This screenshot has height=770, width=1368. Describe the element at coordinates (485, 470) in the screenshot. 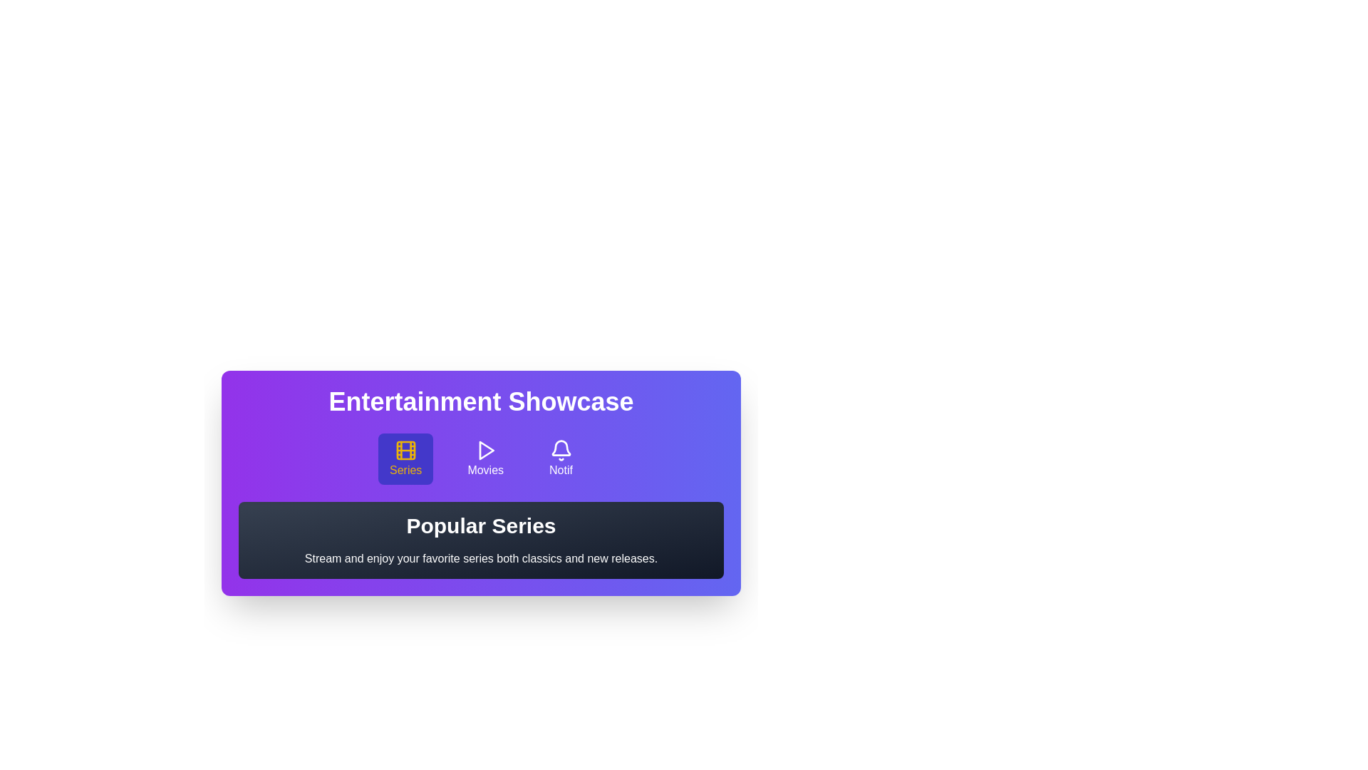

I see `the 'Movies' text label, which is displayed in white font on a purple background` at that location.